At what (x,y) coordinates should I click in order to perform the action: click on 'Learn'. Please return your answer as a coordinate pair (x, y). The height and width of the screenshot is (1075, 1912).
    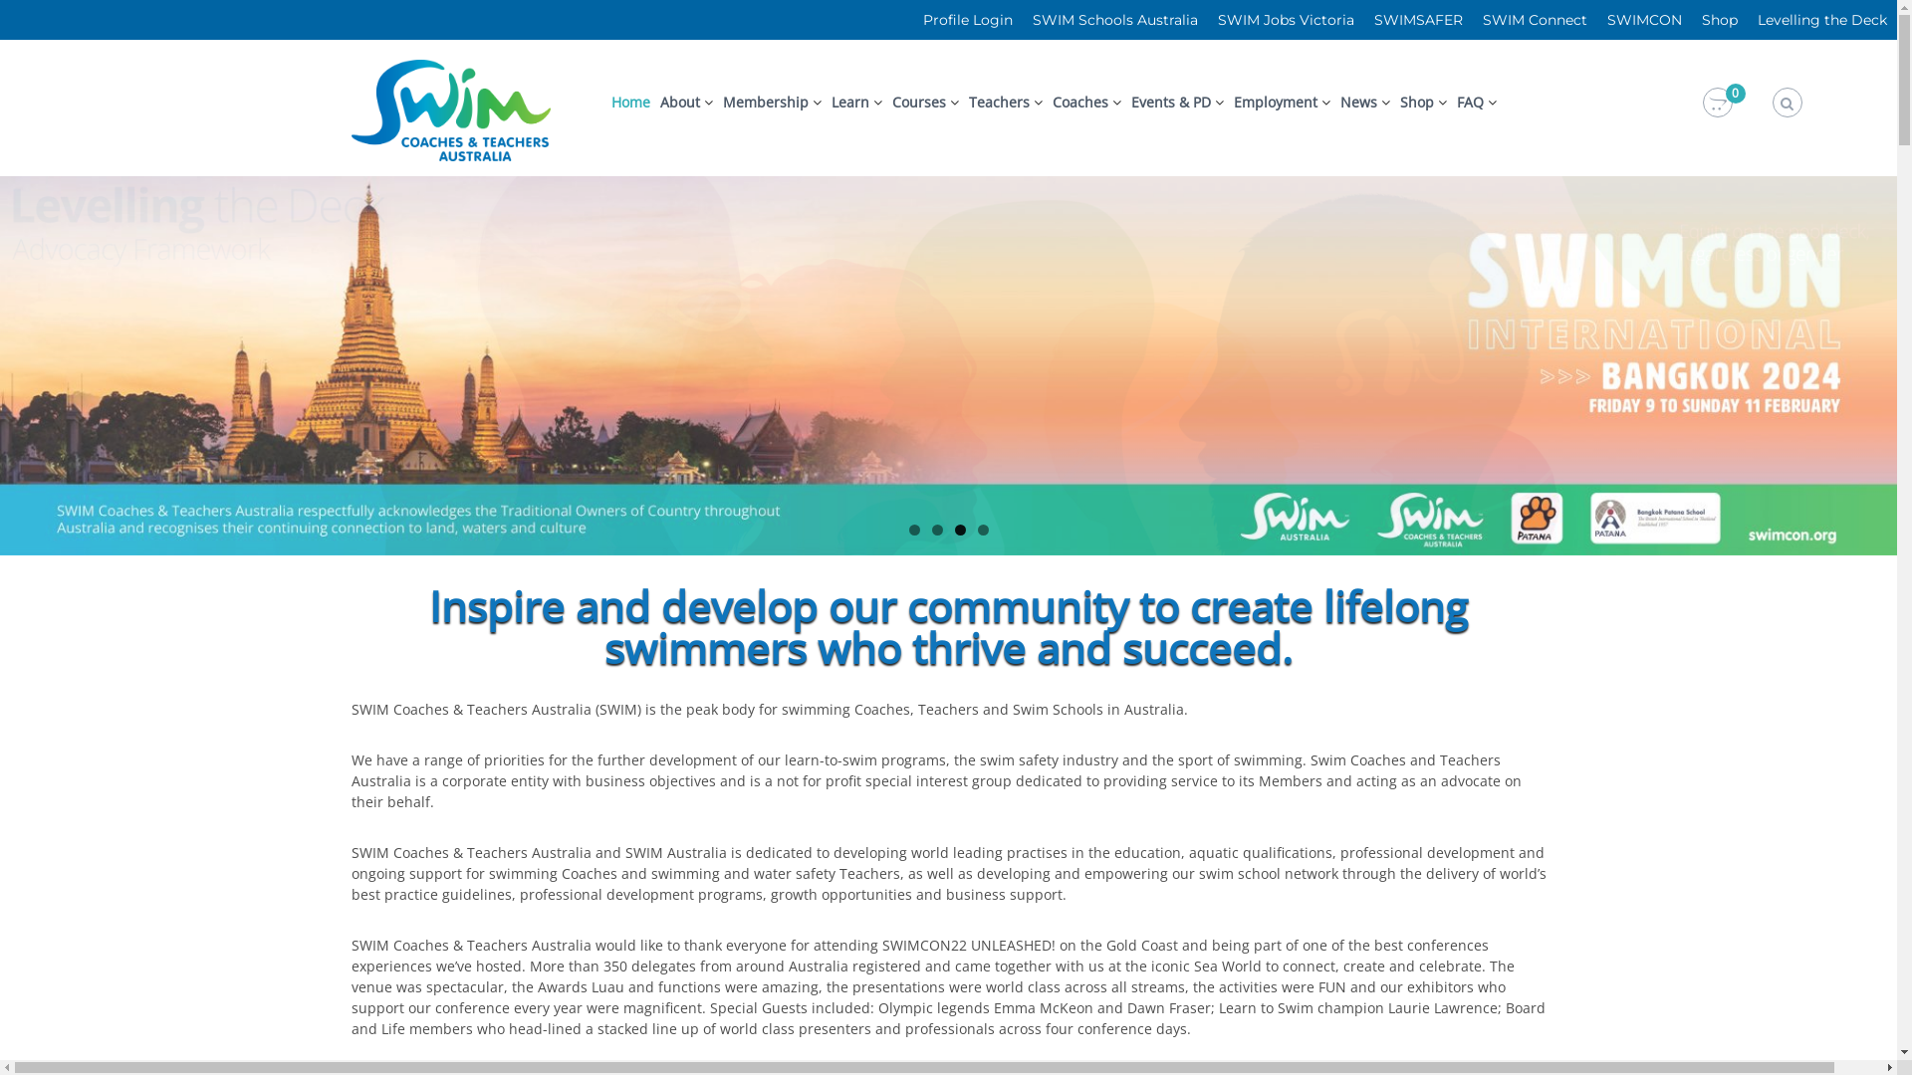
    Looking at the image, I should click on (850, 102).